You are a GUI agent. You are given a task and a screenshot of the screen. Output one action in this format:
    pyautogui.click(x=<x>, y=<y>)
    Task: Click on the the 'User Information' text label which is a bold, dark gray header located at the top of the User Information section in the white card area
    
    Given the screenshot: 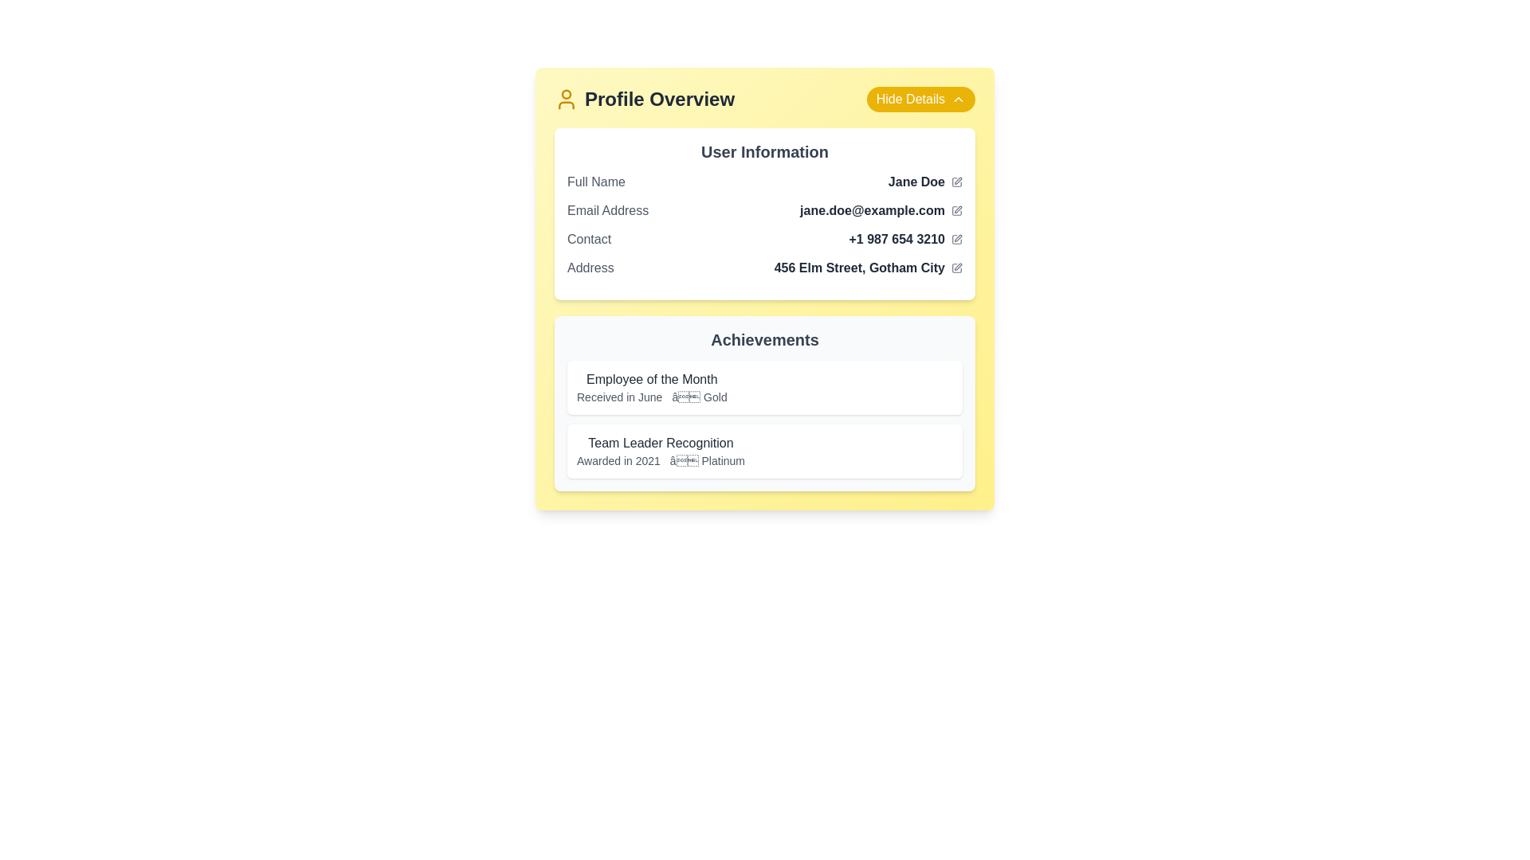 What is the action you would take?
    pyautogui.click(x=765, y=152)
    